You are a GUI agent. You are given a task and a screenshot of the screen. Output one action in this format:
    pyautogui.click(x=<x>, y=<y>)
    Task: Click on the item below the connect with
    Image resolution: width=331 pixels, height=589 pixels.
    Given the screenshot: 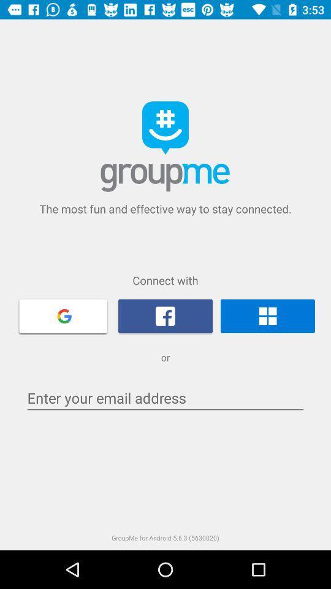 What is the action you would take?
    pyautogui.click(x=267, y=315)
    